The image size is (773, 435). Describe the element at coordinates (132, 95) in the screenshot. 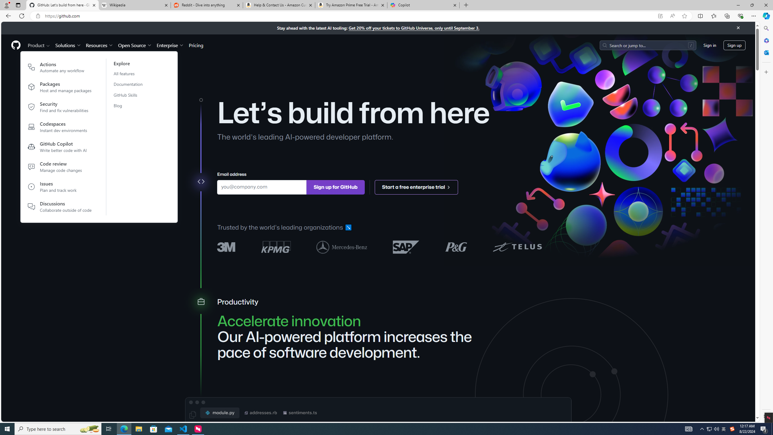

I see `'GitHub Skills'` at that location.